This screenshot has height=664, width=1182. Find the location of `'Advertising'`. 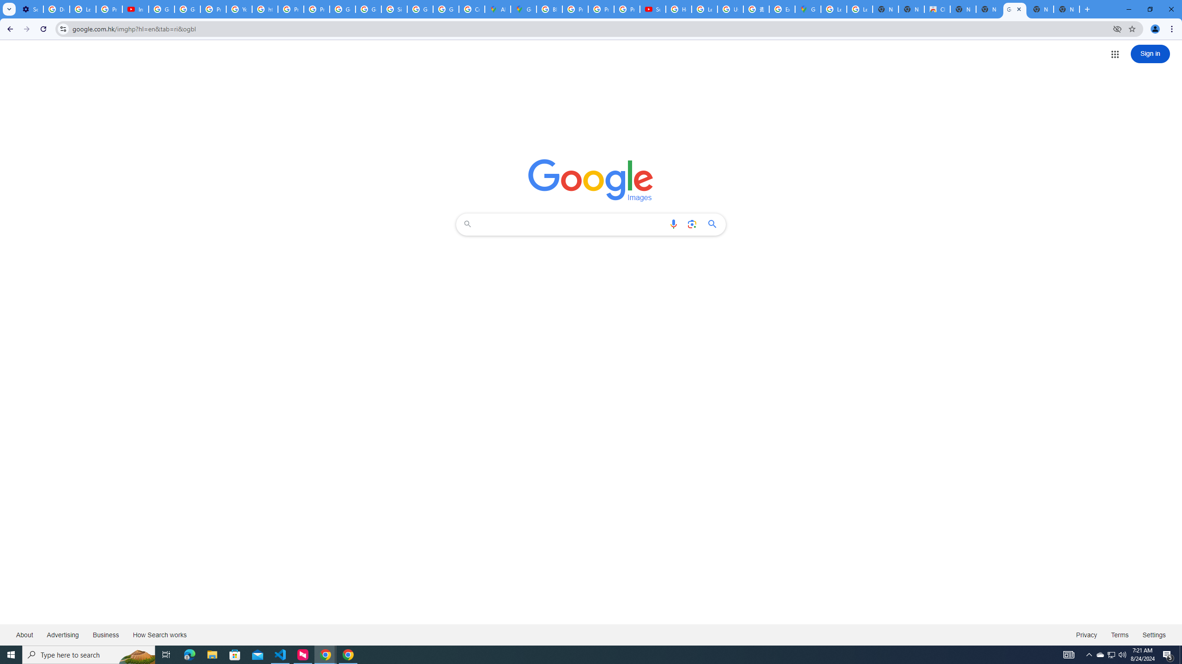

'Advertising' is located at coordinates (62, 634).